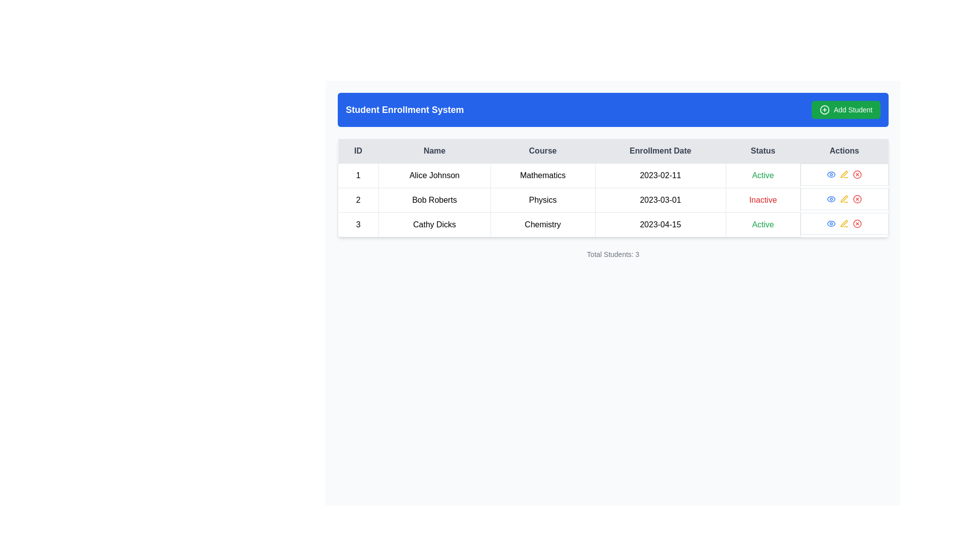  I want to click on the delete button in the 'Actions' column of the last row associated with user 'Cathy Dicks' to change its shade, so click(857, 223).